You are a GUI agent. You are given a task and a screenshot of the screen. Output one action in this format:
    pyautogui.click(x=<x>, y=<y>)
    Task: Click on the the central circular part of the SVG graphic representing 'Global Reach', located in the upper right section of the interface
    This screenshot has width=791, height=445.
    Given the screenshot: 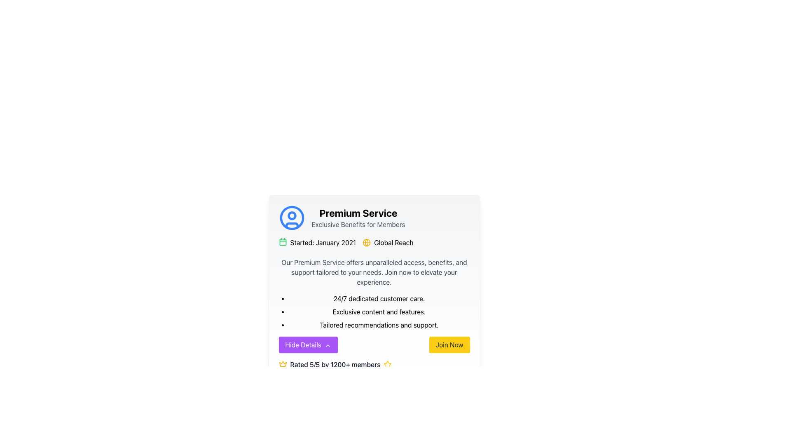 What is the action you would take?
    pyautogui.click(x=366, y=242)
    